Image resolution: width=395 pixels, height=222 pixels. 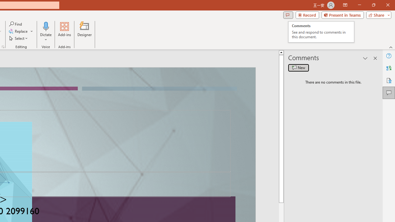 What do you see at coordinates (298, 68) in the screenshot?
I see `'New comment'` at bounding box center [298, 68].